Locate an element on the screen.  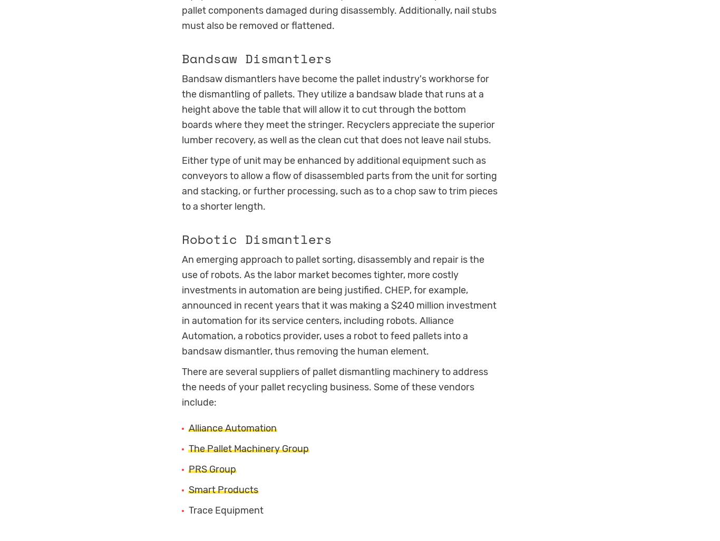
'PRS Group' is located at coordinates (211, 468).